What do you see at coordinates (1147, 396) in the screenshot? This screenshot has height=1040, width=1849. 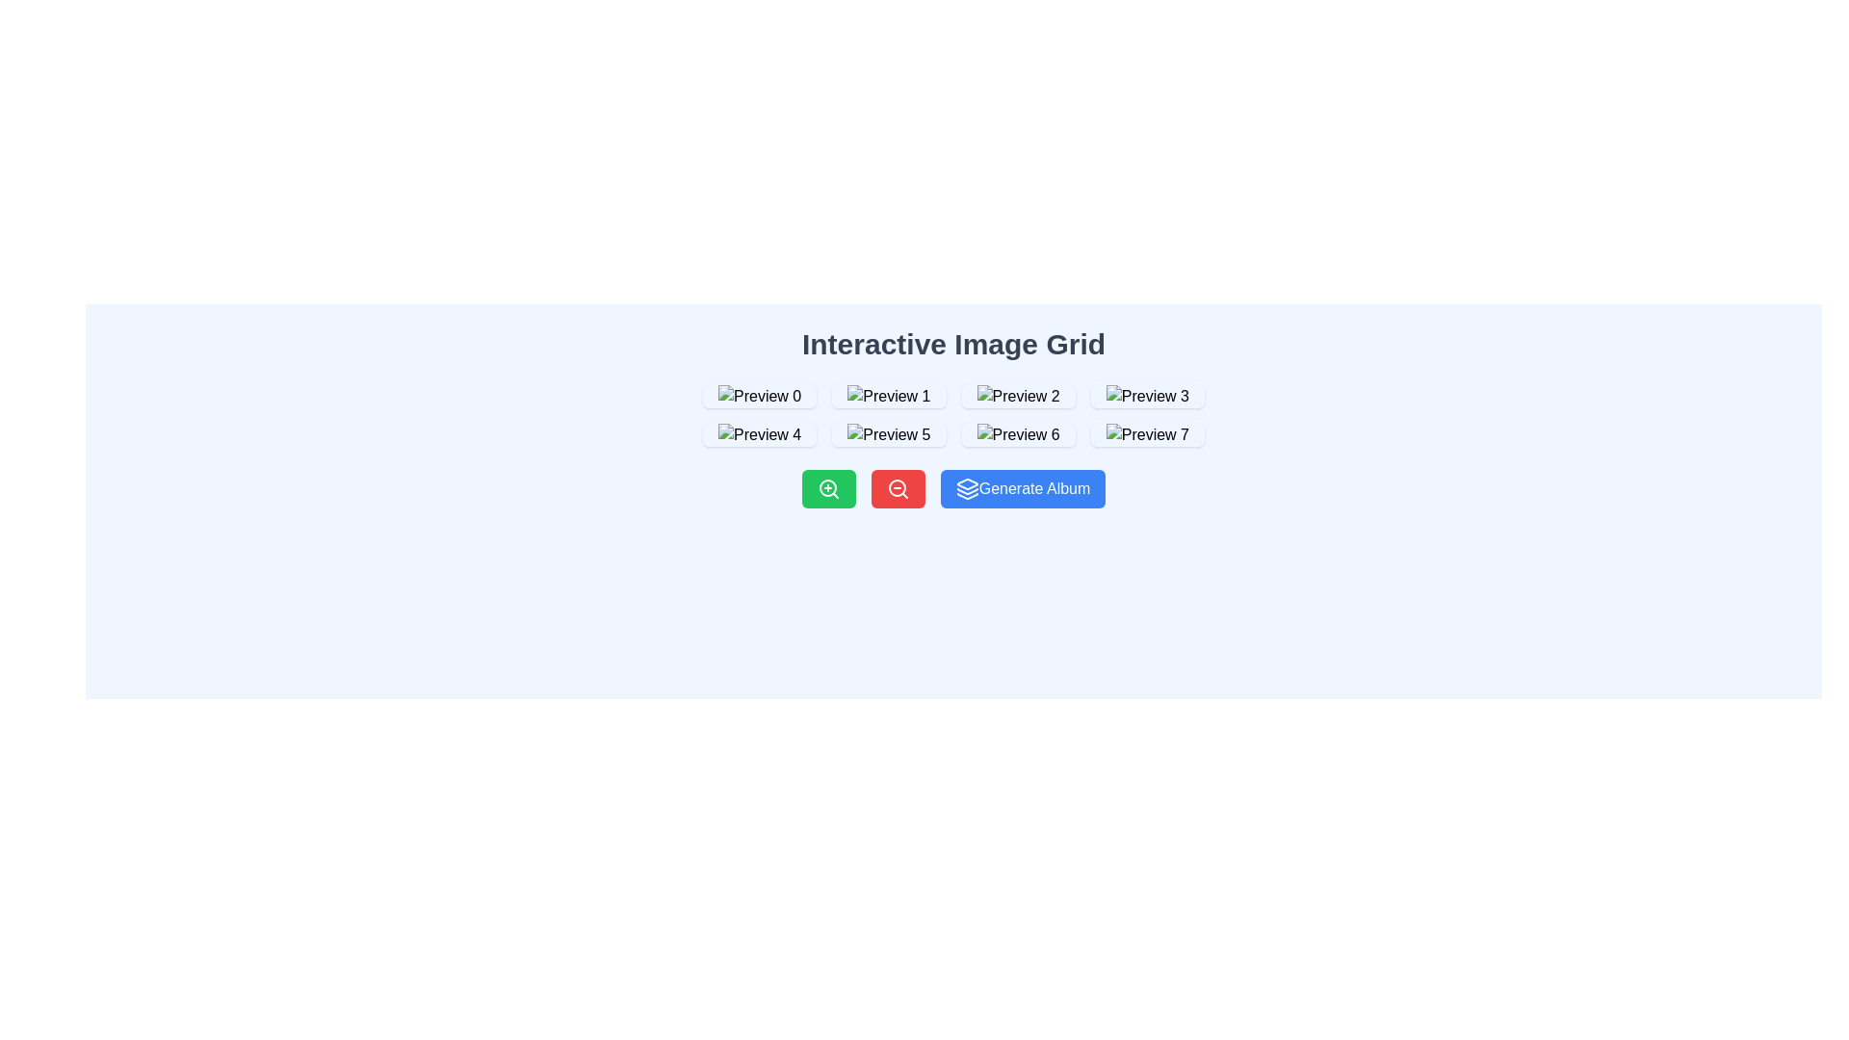 I see `the image preview element, which is the fourth item in the first row of a grid layout` at bounding box center [1147, 396].